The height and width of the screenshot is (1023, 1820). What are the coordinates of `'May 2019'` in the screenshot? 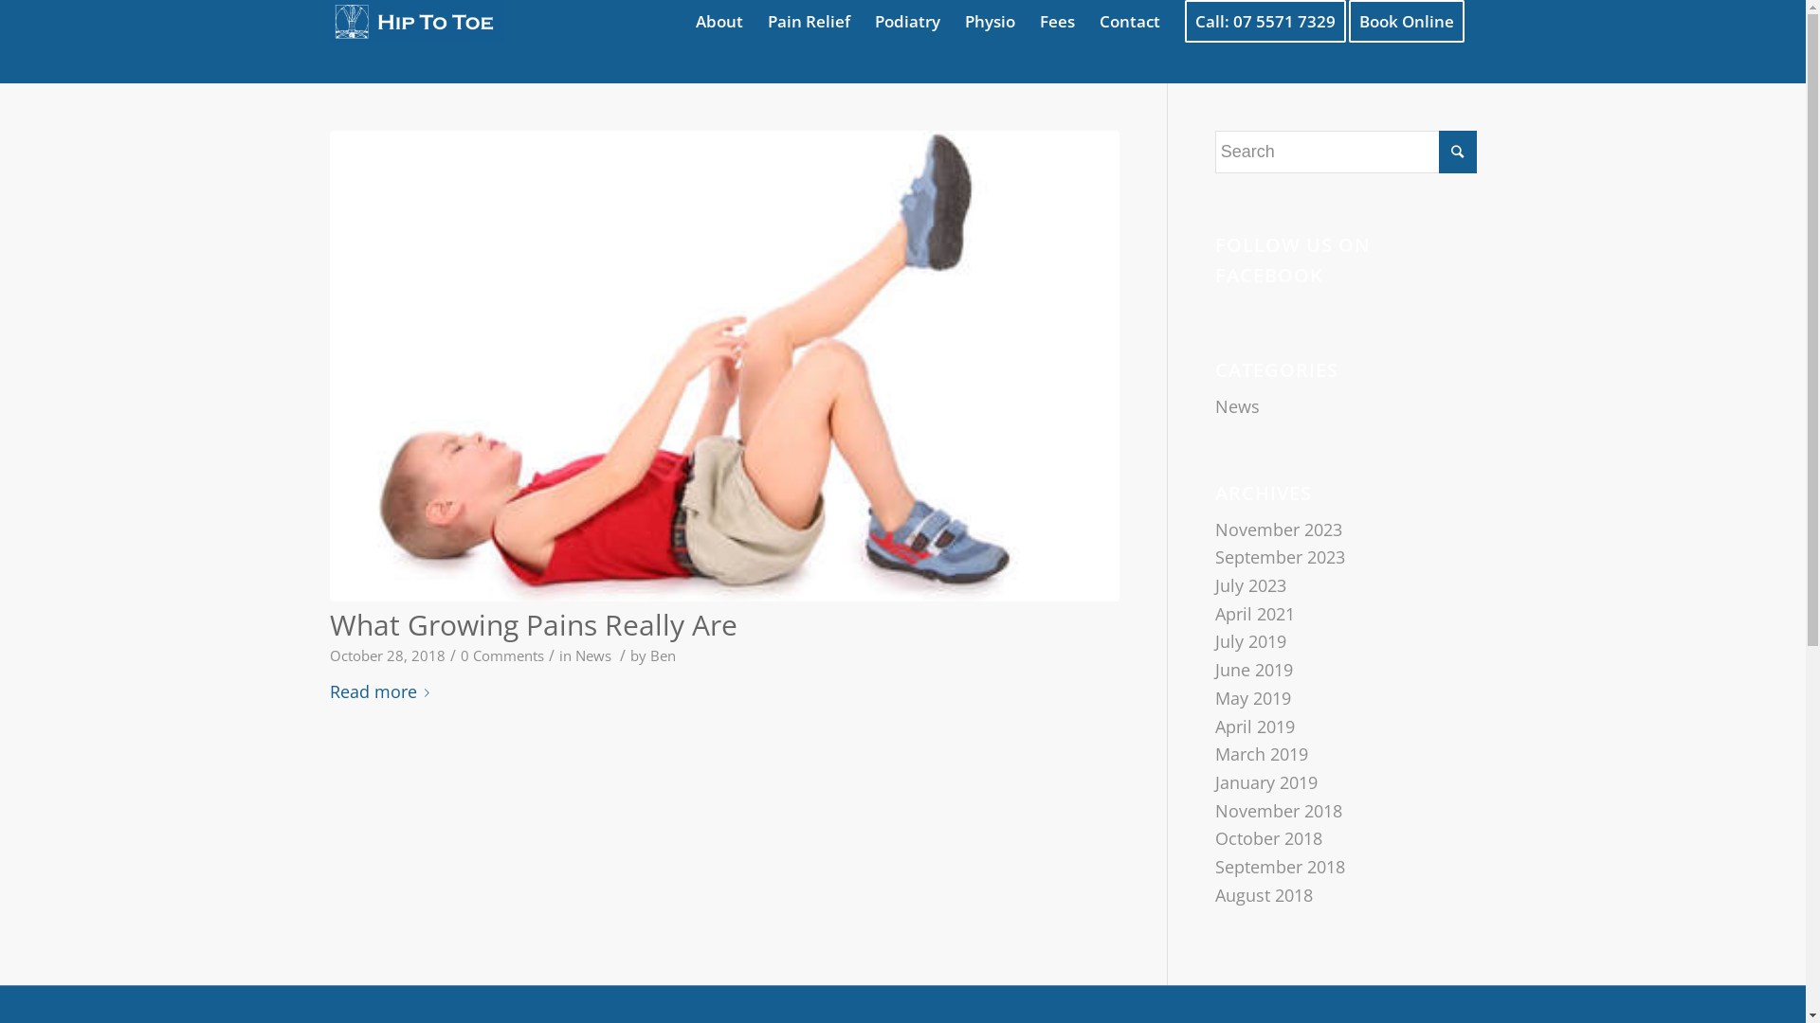 It's located at (1252, 697).